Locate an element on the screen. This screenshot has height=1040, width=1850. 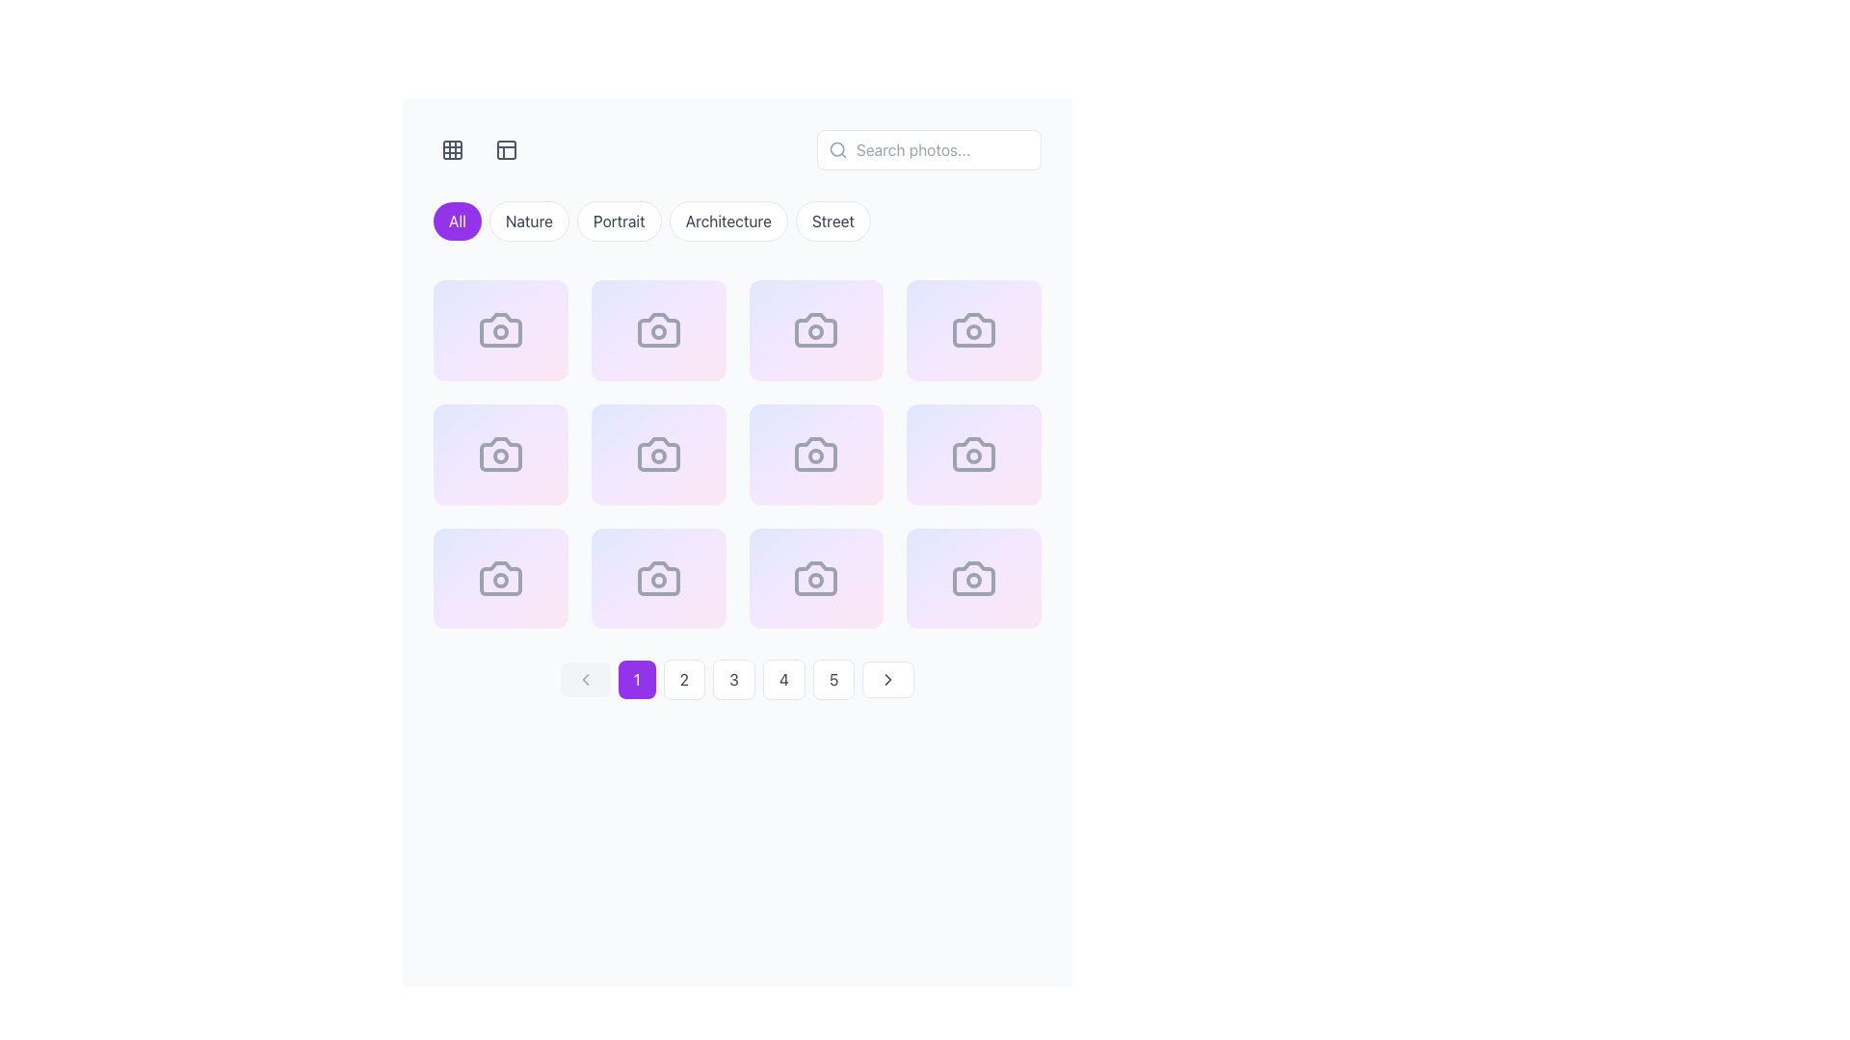
the filter button for 'Portrait' items, which is the third button in the horizontal list of filters, located between the 'Nature' and 'Architecture' buttons is located at coordinates (619, 221).